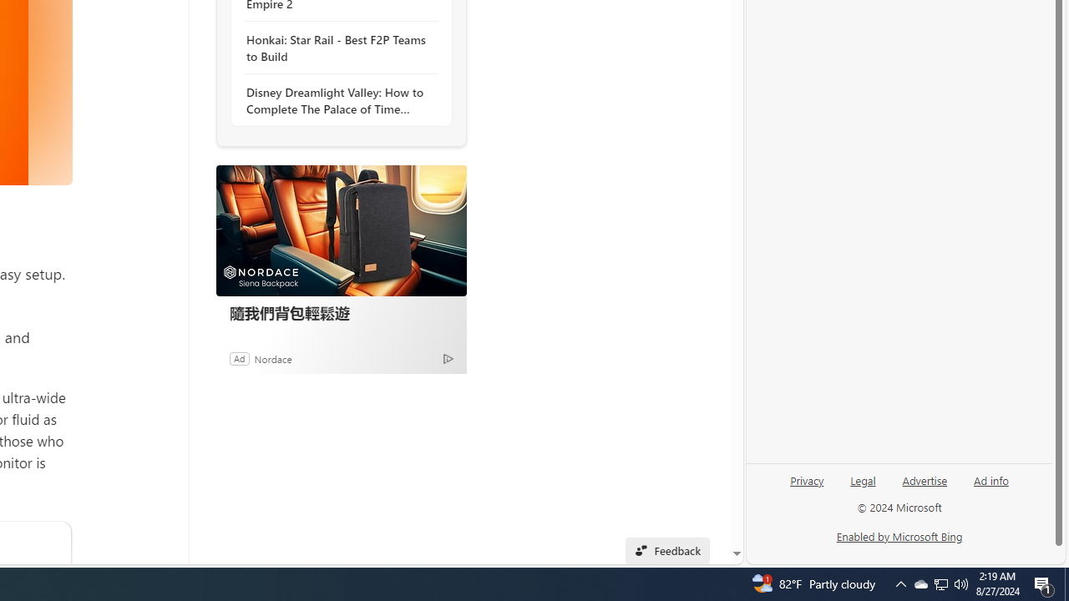 The width and height of the screenshot is (1069, 601). What do you see at coordinates (863, 479) in the screenshot?
I see `'Legal'` at bounding box center [863, 479].